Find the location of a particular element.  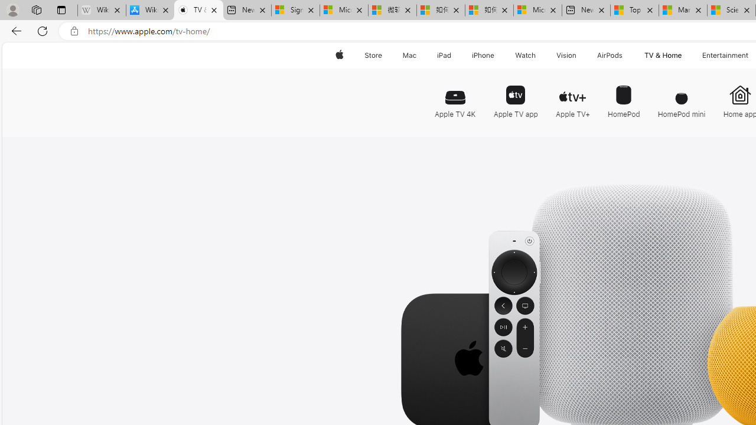

'AirPods menu' is located at coordinates (624, 55).